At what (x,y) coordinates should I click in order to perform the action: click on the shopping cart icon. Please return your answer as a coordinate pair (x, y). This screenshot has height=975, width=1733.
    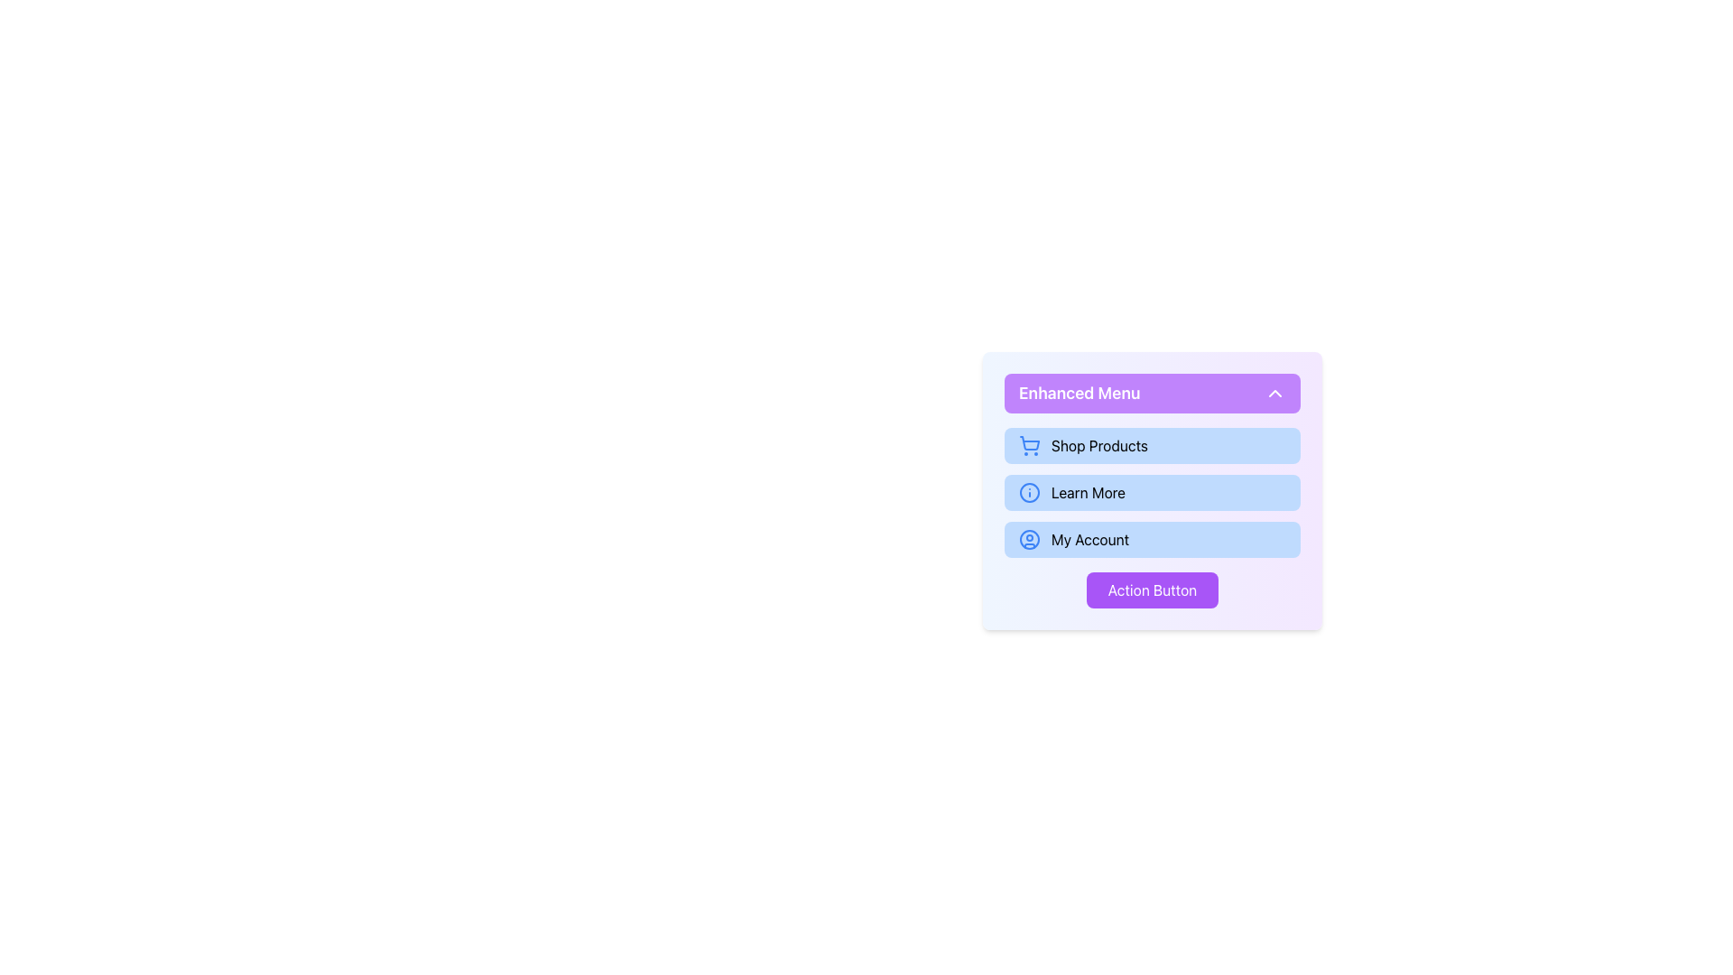
    Looking at the image, I should click on (1030, 445).